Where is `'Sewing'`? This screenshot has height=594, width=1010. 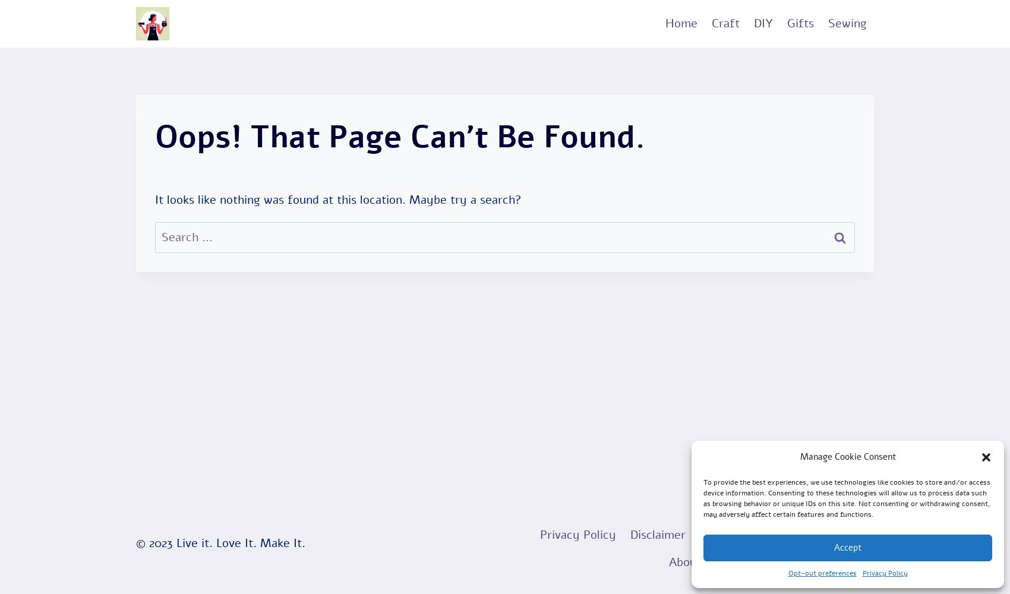 'Sewing' is located at coordinates (828, 23).